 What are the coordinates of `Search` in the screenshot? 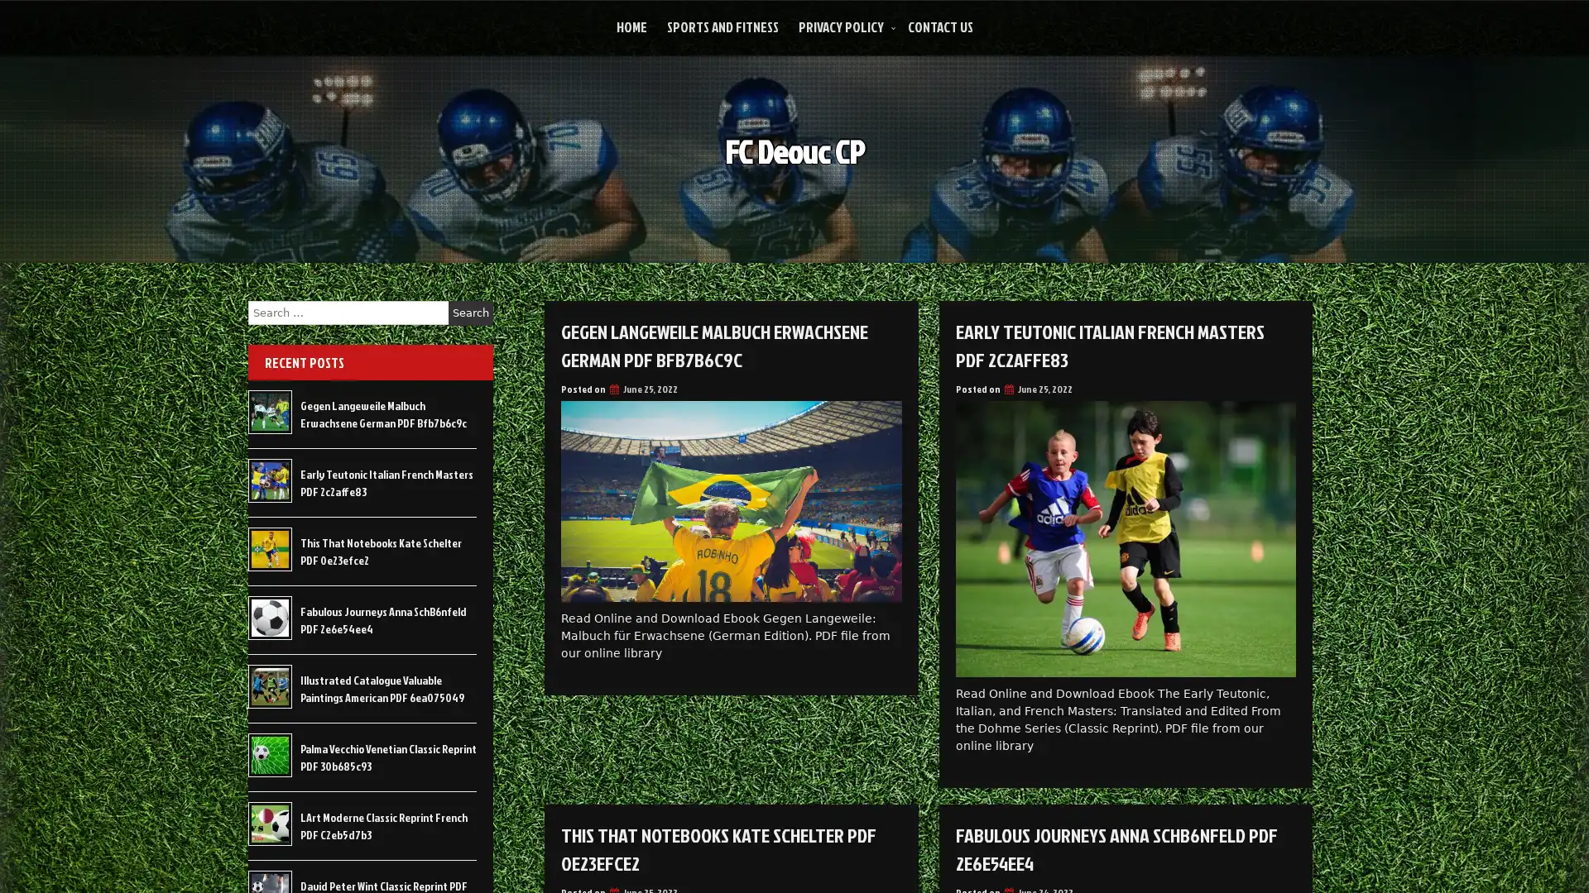 It's located at (470, 313).